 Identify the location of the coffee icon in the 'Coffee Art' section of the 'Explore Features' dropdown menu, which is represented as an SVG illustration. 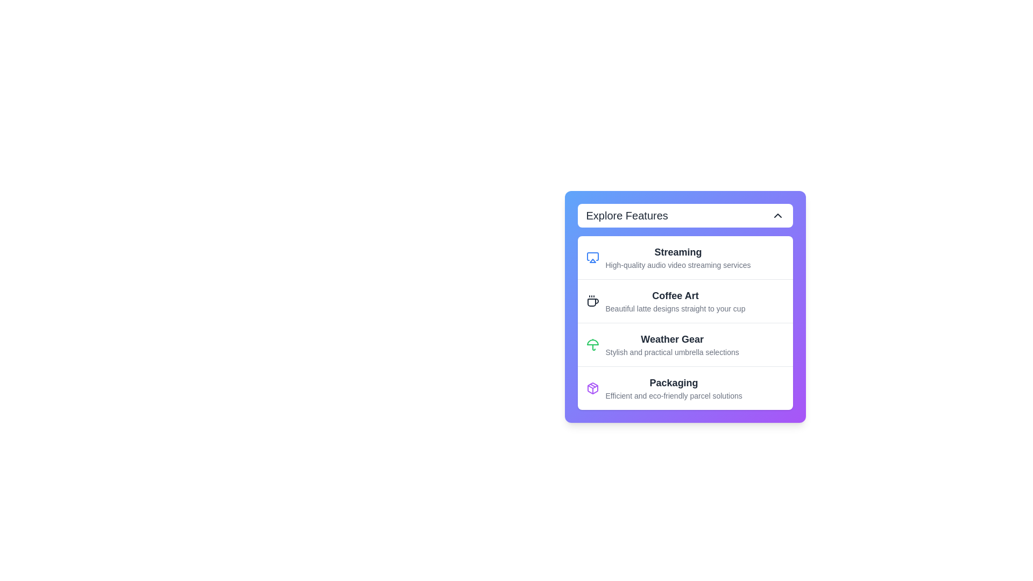
(592, 302).